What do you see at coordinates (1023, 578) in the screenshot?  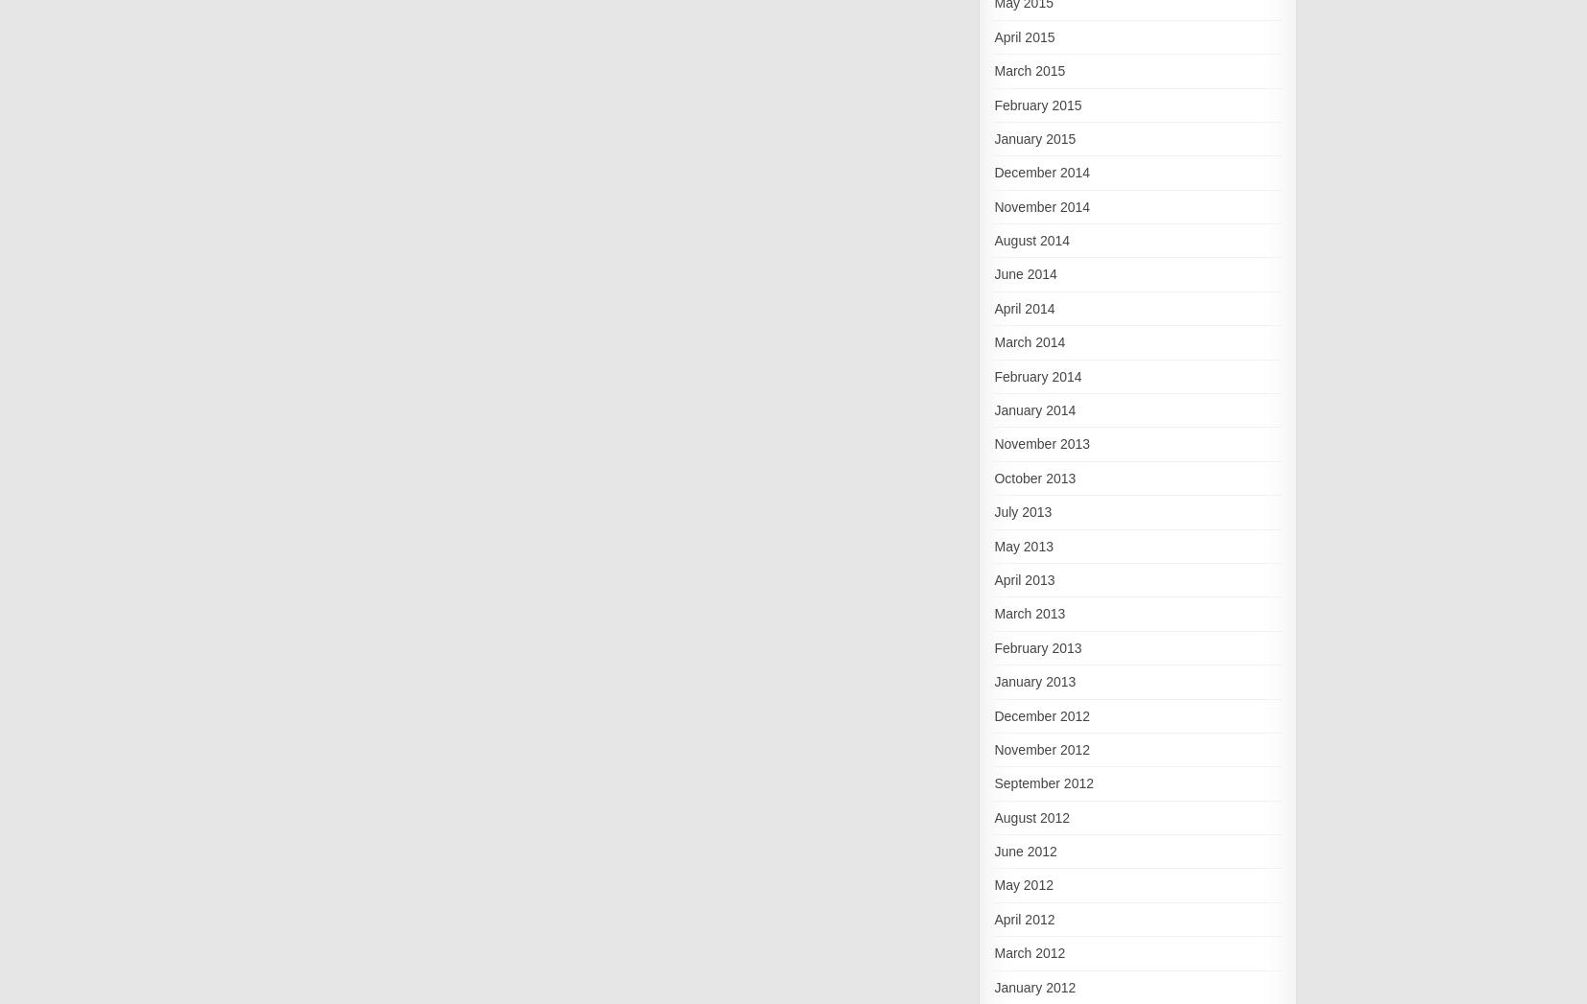 I see `'April 2013'` at bounding box center [1023, 578].